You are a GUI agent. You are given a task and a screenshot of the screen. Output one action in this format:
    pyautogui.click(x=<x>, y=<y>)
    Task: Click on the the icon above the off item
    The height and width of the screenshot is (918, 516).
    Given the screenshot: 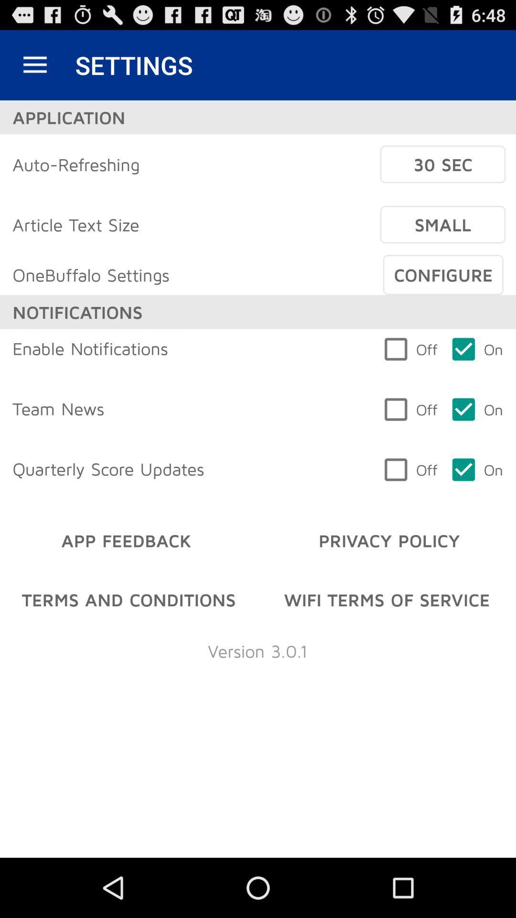 What is the action you would take?
    pyautogui.click(x=443, y=274)
    